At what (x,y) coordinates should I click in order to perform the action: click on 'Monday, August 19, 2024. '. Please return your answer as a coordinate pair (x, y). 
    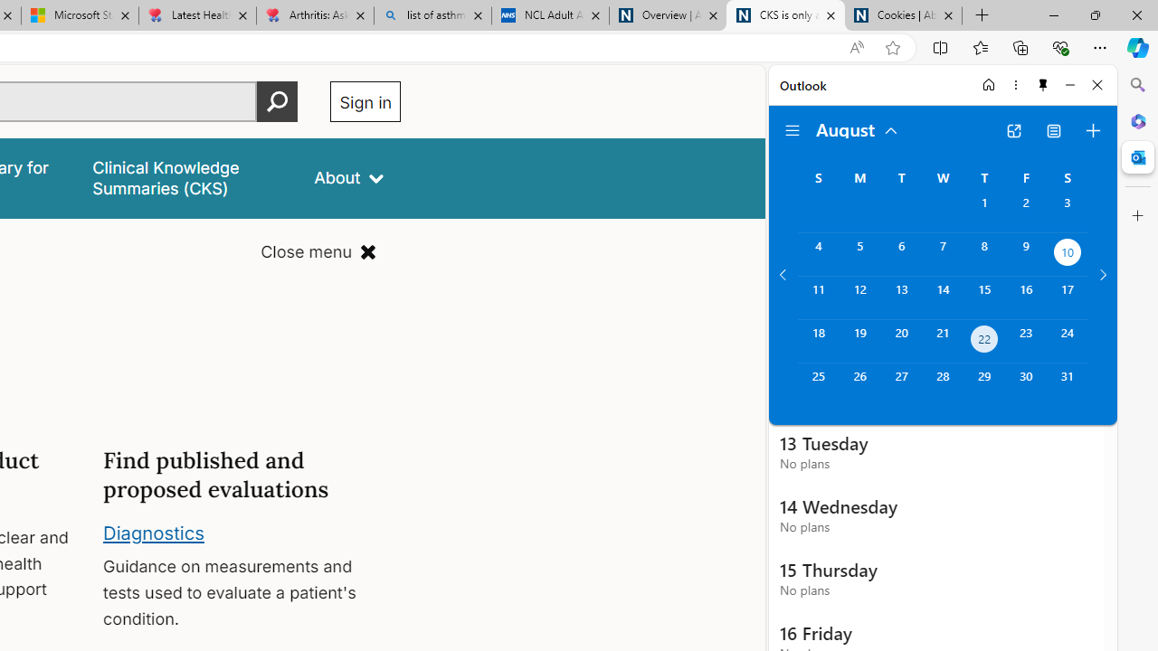
    Looking at the image, I should click on (859, 341).